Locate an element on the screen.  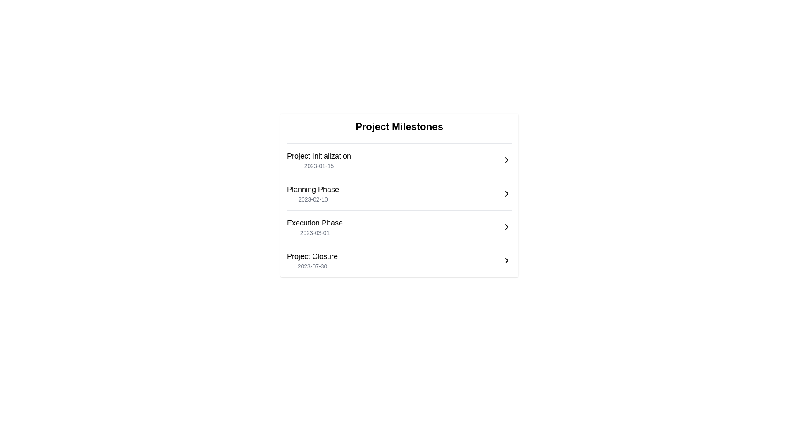
the rightward arrow chevron icon in the 'Execution Phase' row is located at coordinates (506, 227).